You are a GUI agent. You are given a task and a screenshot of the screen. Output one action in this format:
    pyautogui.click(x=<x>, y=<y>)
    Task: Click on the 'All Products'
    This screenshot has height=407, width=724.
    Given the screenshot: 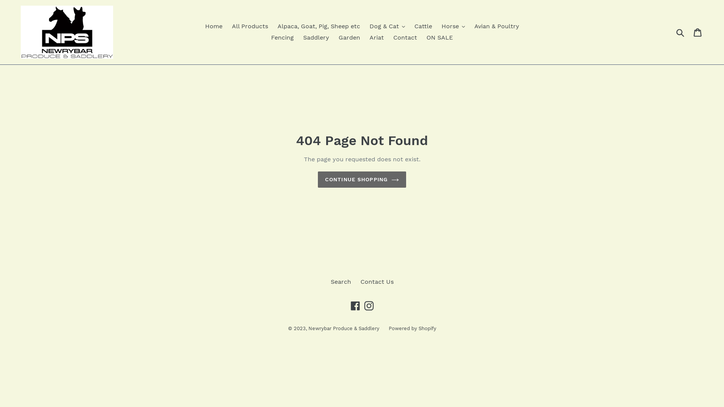 What is the action you would take?
    pyautogui.click(x=227, y=26)
    